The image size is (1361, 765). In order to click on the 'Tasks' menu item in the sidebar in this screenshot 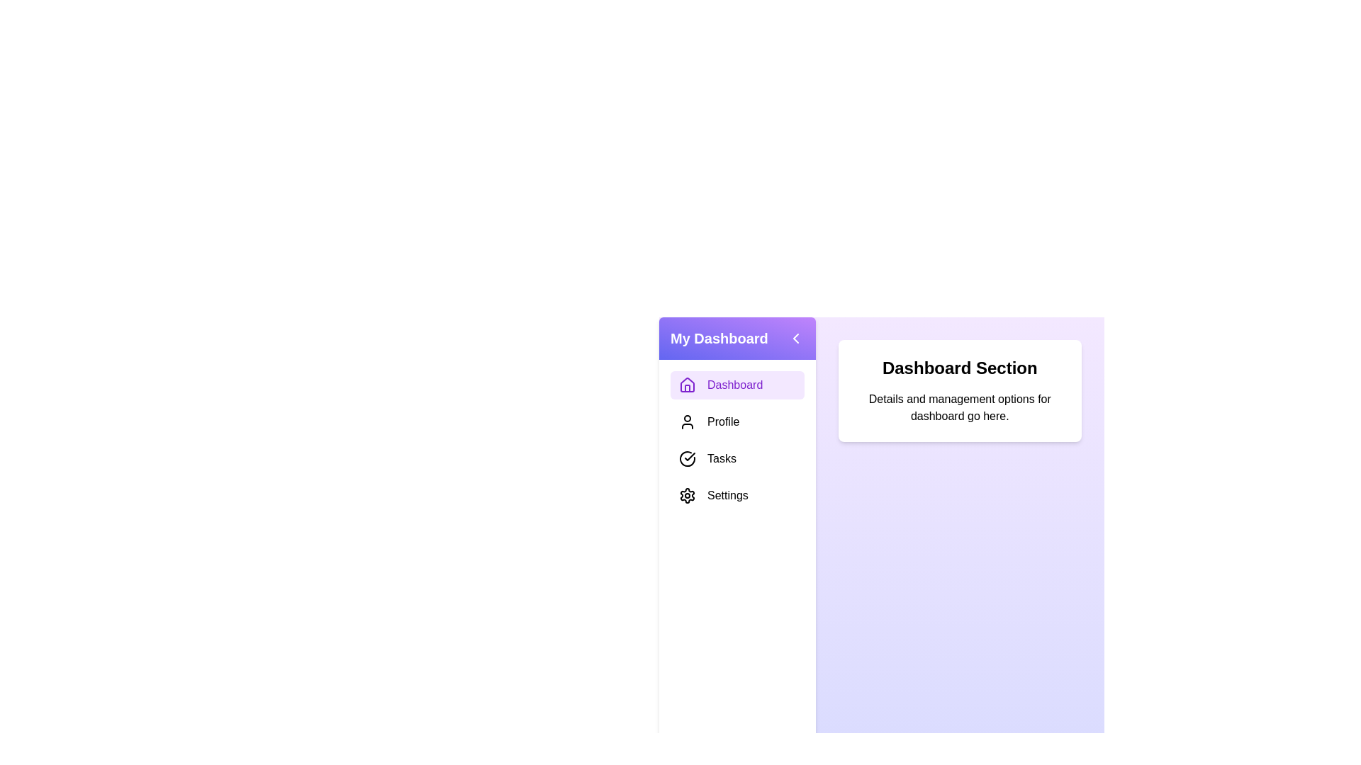, I will do `click(737, 459)`.